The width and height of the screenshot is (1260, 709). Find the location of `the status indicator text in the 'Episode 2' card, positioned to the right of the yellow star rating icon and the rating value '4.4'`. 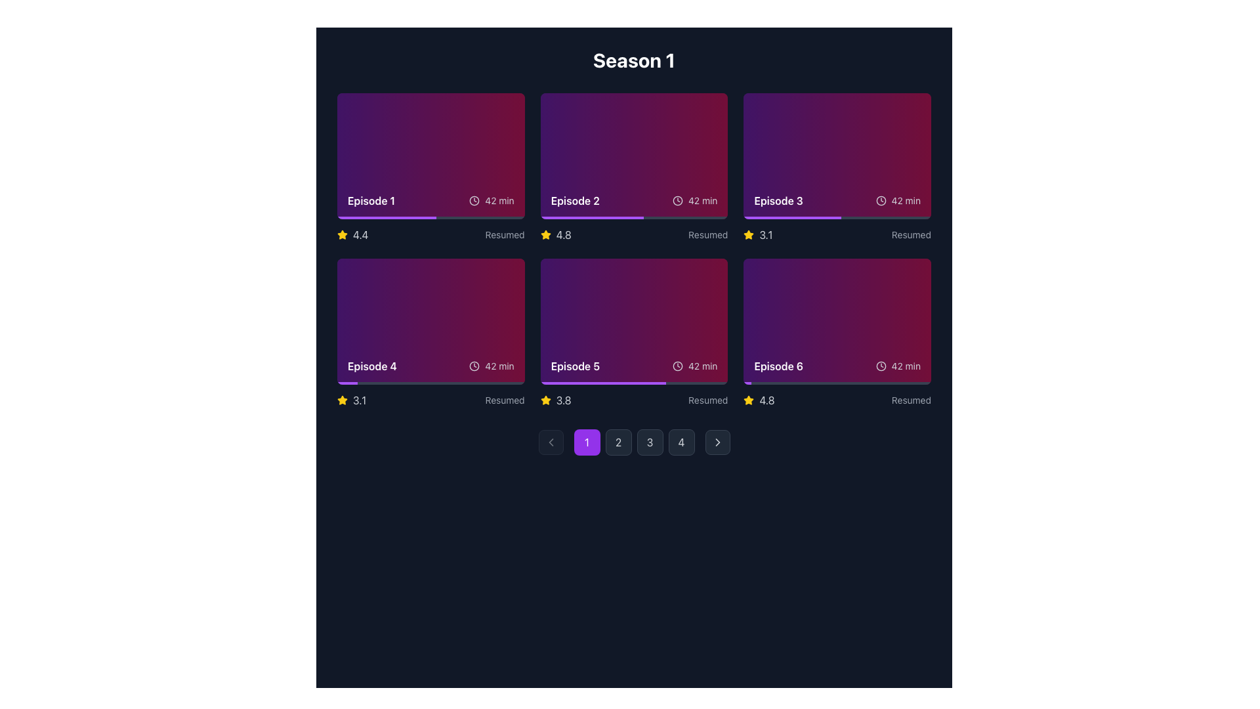

the status indicator text in the 'Episode 2' card, positioned to the right of the yellow star rating icon and the rating value '4.4' is located at coordinates (504, 234).